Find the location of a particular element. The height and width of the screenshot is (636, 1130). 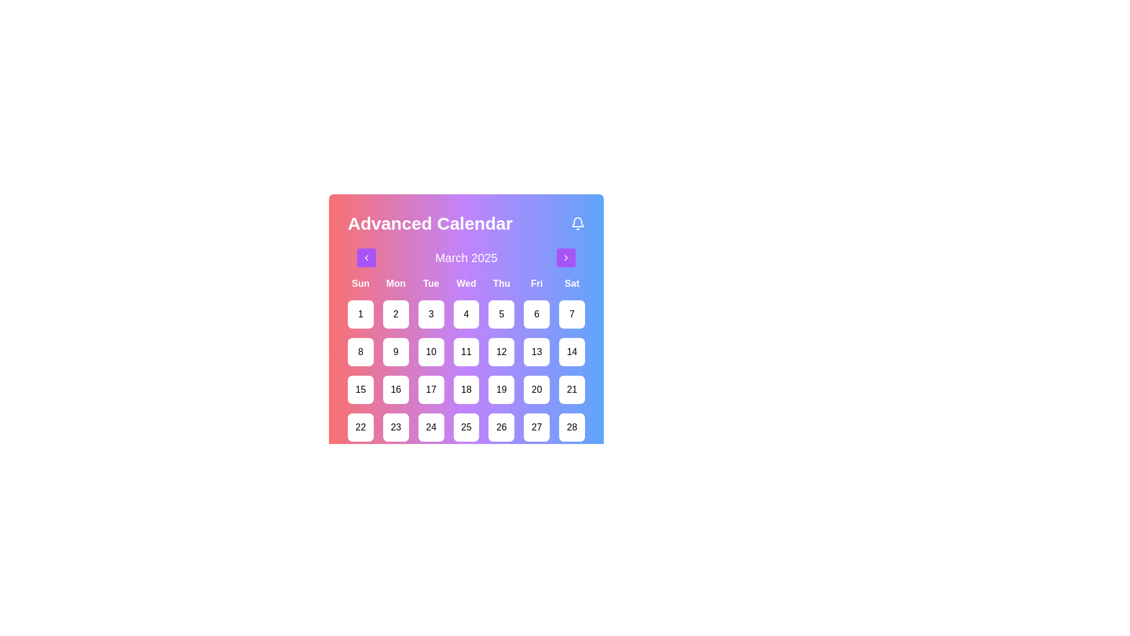

the navigational buttons integrated with the label indicating the currently displayed month and year in the calendar interface is located at coordinates (466, 257).